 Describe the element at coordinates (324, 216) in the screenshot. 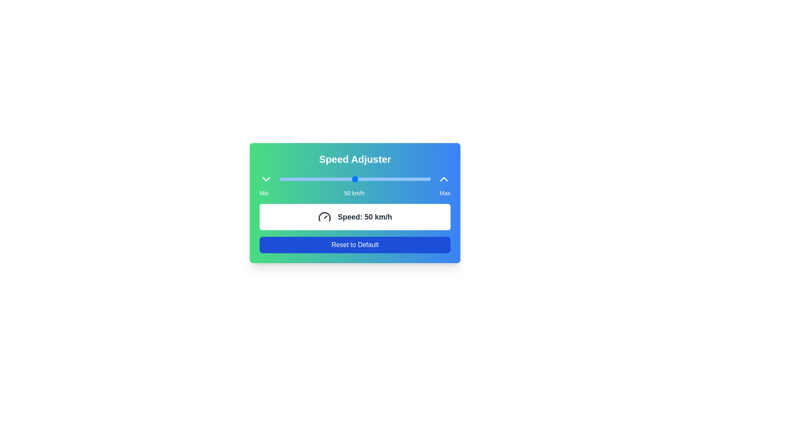

I see `the lower segment of the gauge icon, which has a clean, simplistic design and resembles a speedometer arc, in the 'Speed Adjuster' interface` at that location.